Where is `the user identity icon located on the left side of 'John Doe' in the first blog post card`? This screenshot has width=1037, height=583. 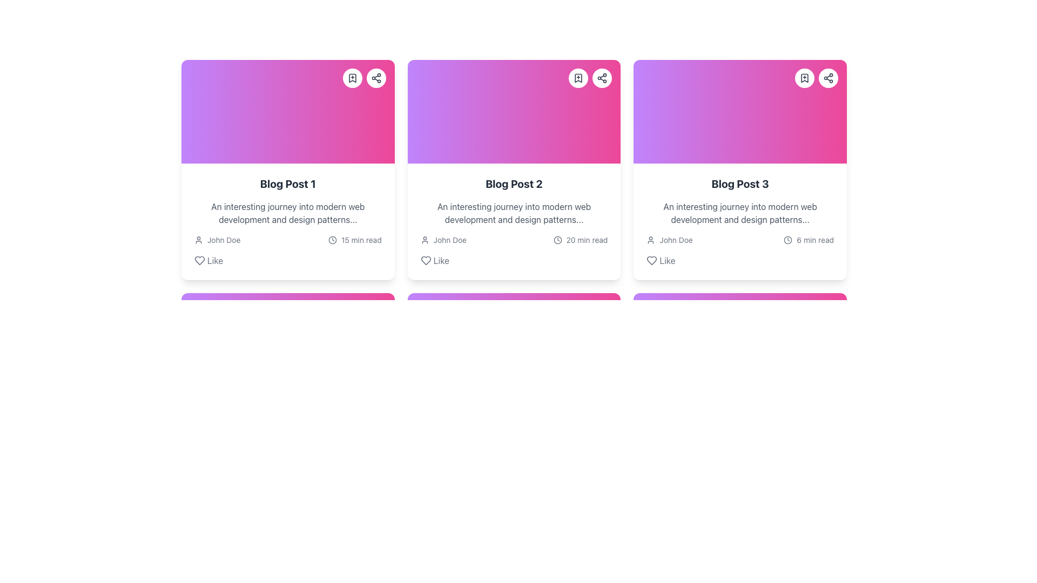 the user identity icon located on the left side of 'John Doe' in the first blog post card is located at coordinates (199, 239).